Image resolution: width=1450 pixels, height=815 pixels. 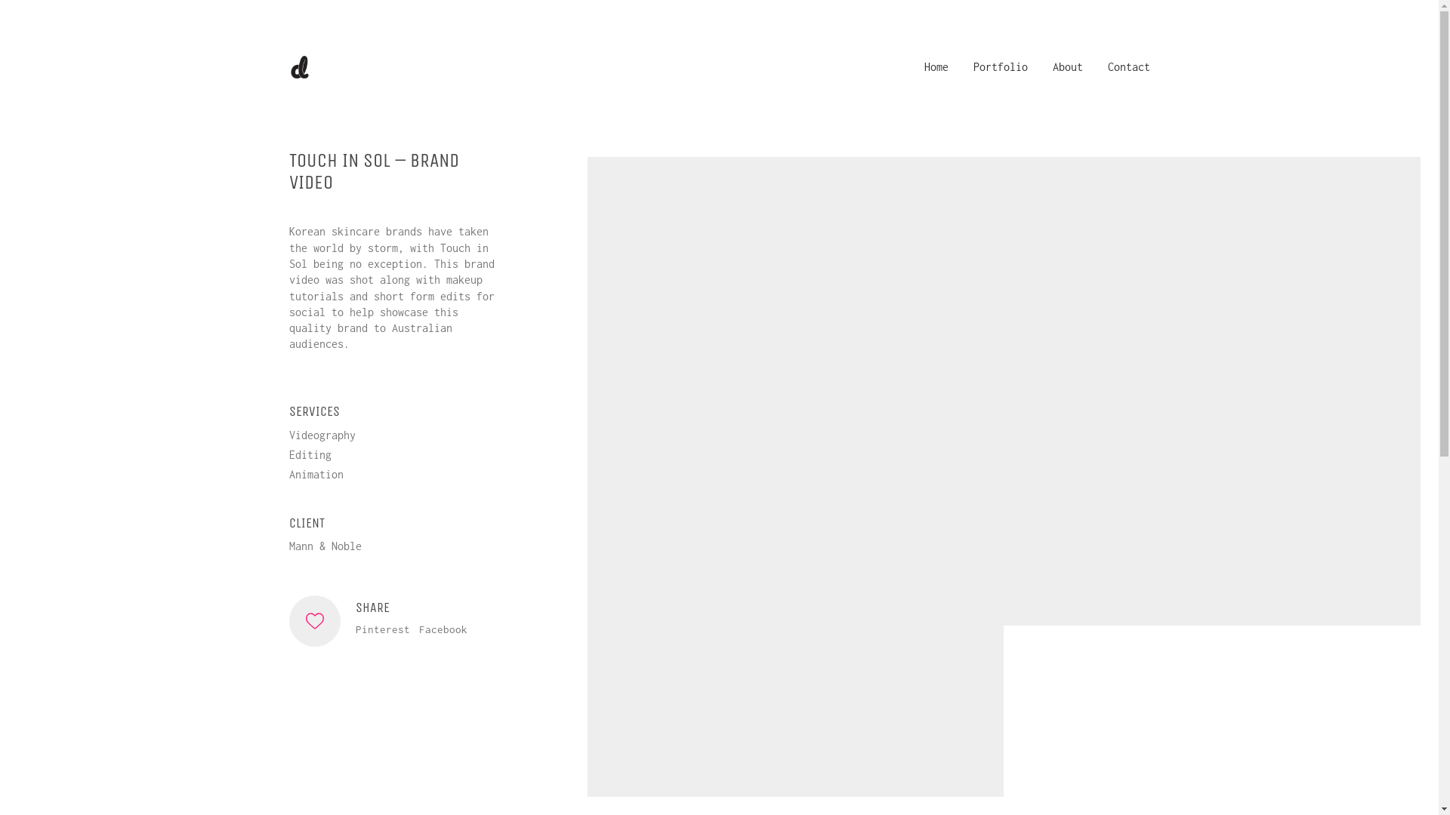 What do you see at coordinates (441, 629) in the screenshot?
I see `'Facebook'` at bounding box center [441, 629].